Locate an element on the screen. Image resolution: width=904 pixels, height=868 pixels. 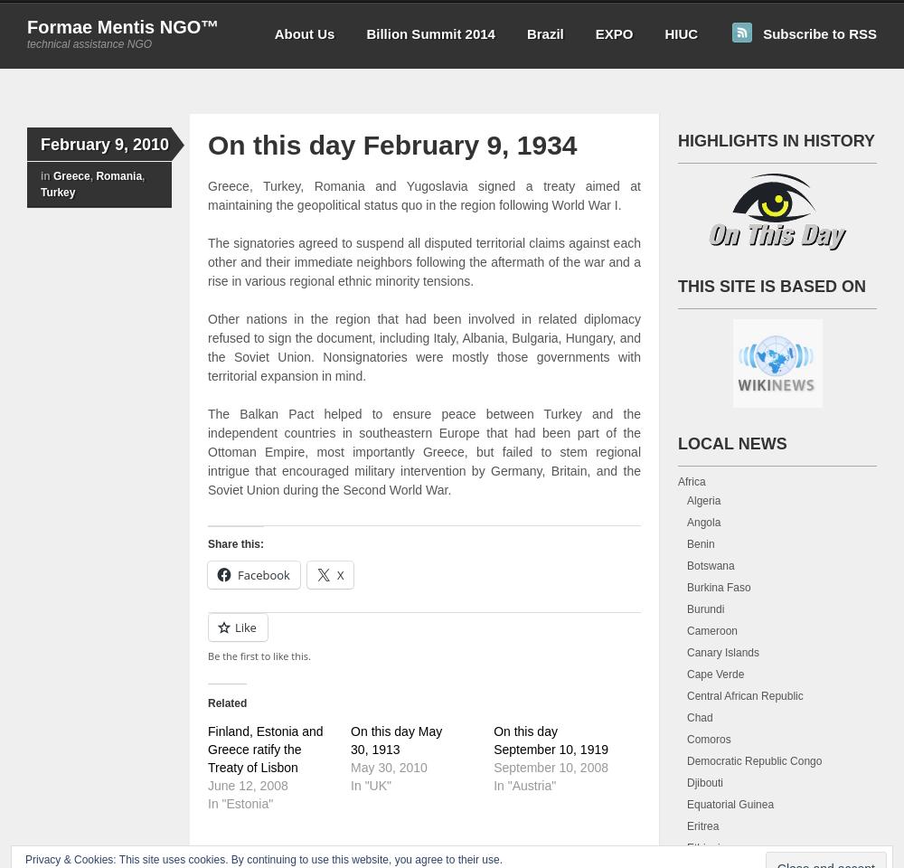
'ethnic' is located at coordinates (336, 281).